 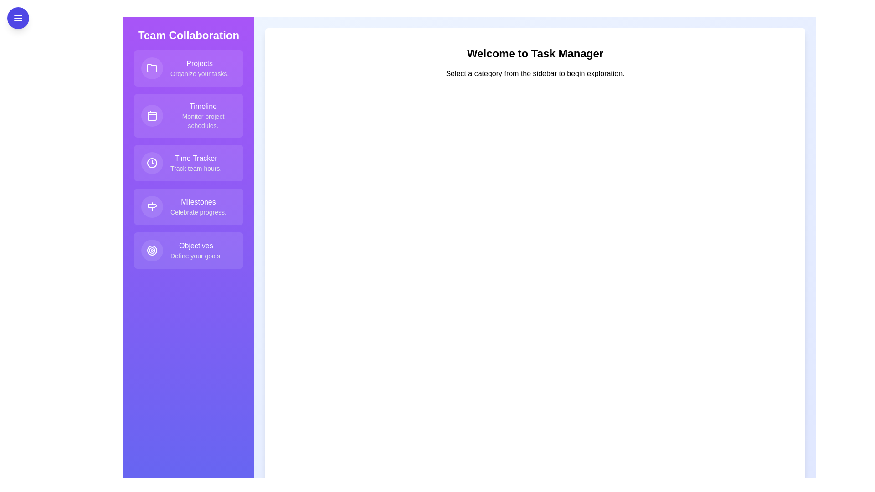 I want to click on the feature item Timeline from the list, so click(x=188, y=115).